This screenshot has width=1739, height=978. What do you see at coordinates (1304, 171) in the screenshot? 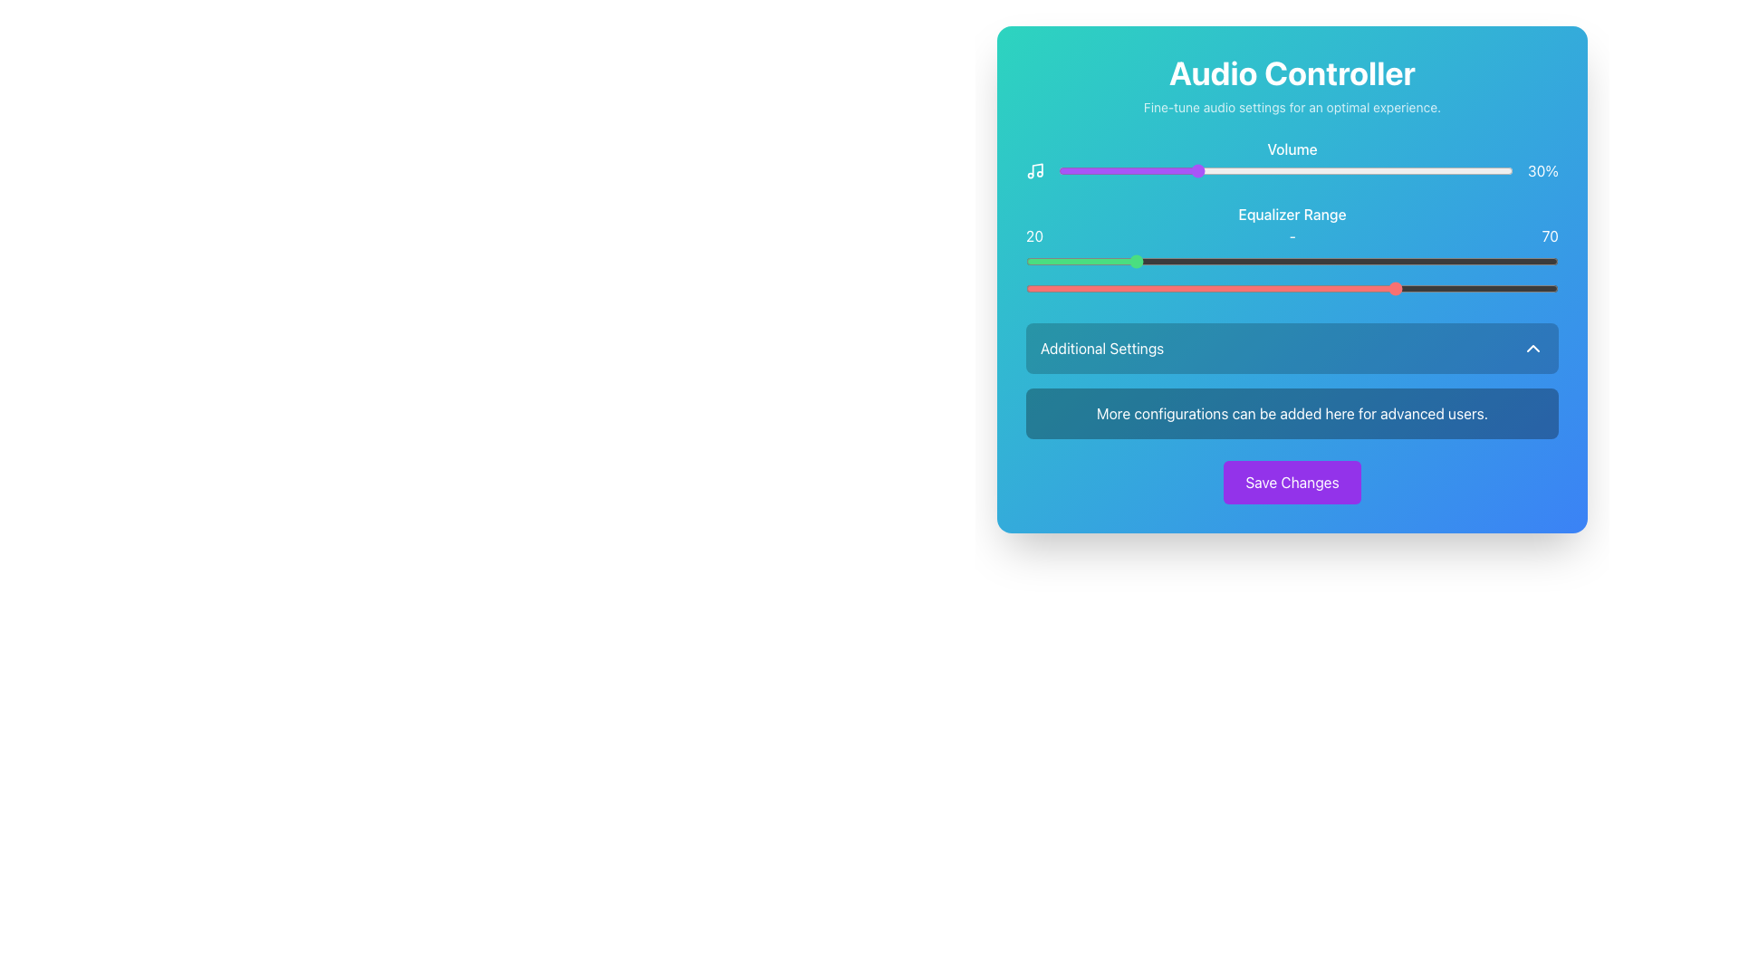
I see `the volume slider` at bounding box center [1304, 171].